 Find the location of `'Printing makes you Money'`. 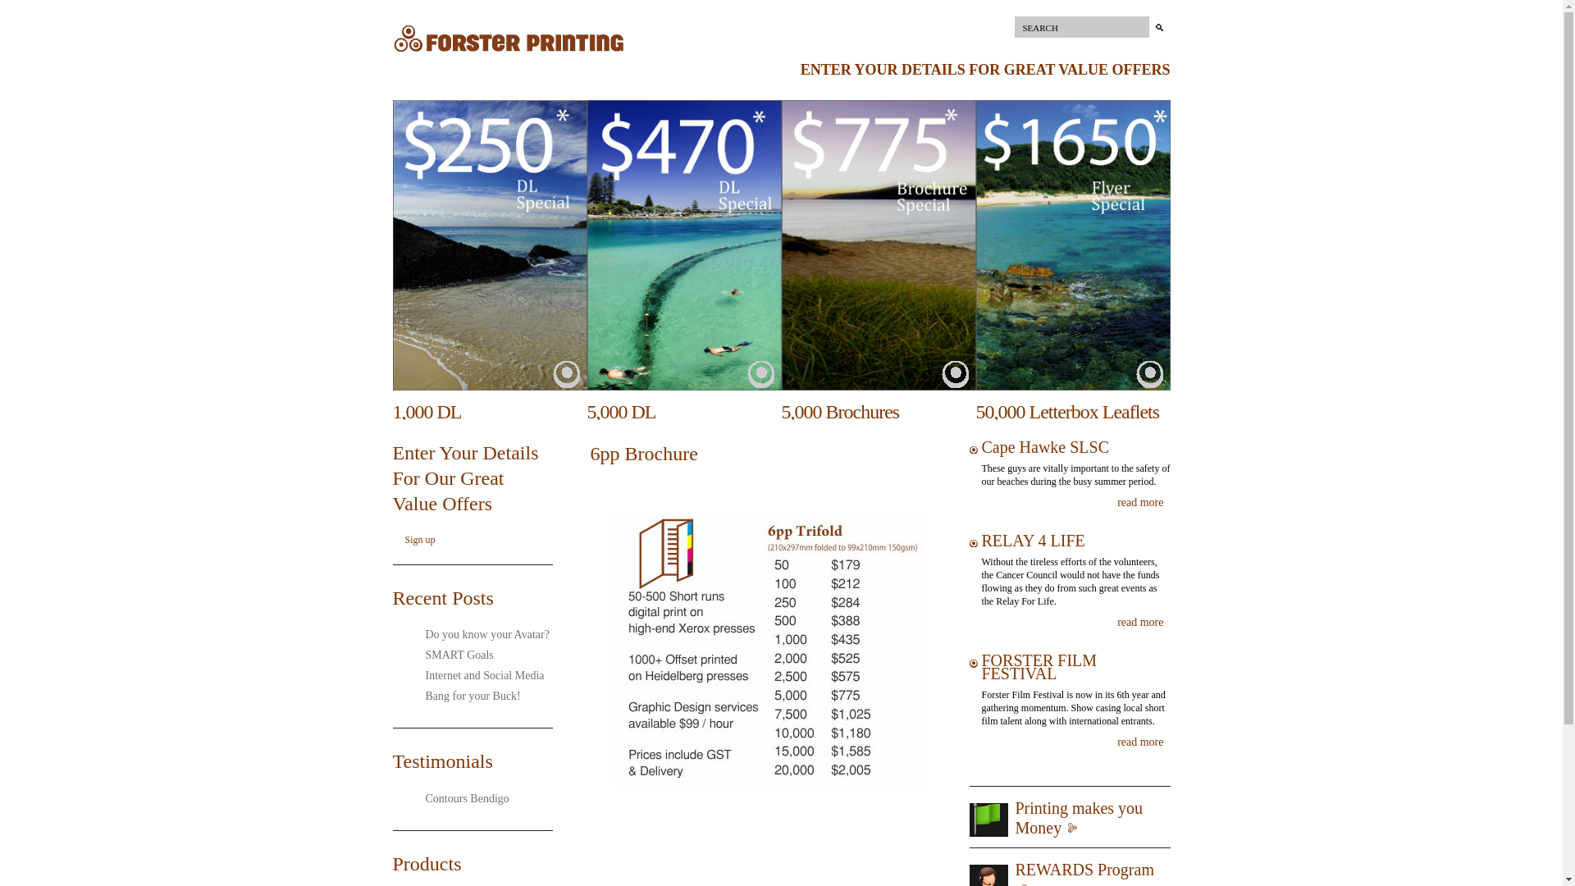

'Printing makes you Money' is located at coordinates (1079, 817).